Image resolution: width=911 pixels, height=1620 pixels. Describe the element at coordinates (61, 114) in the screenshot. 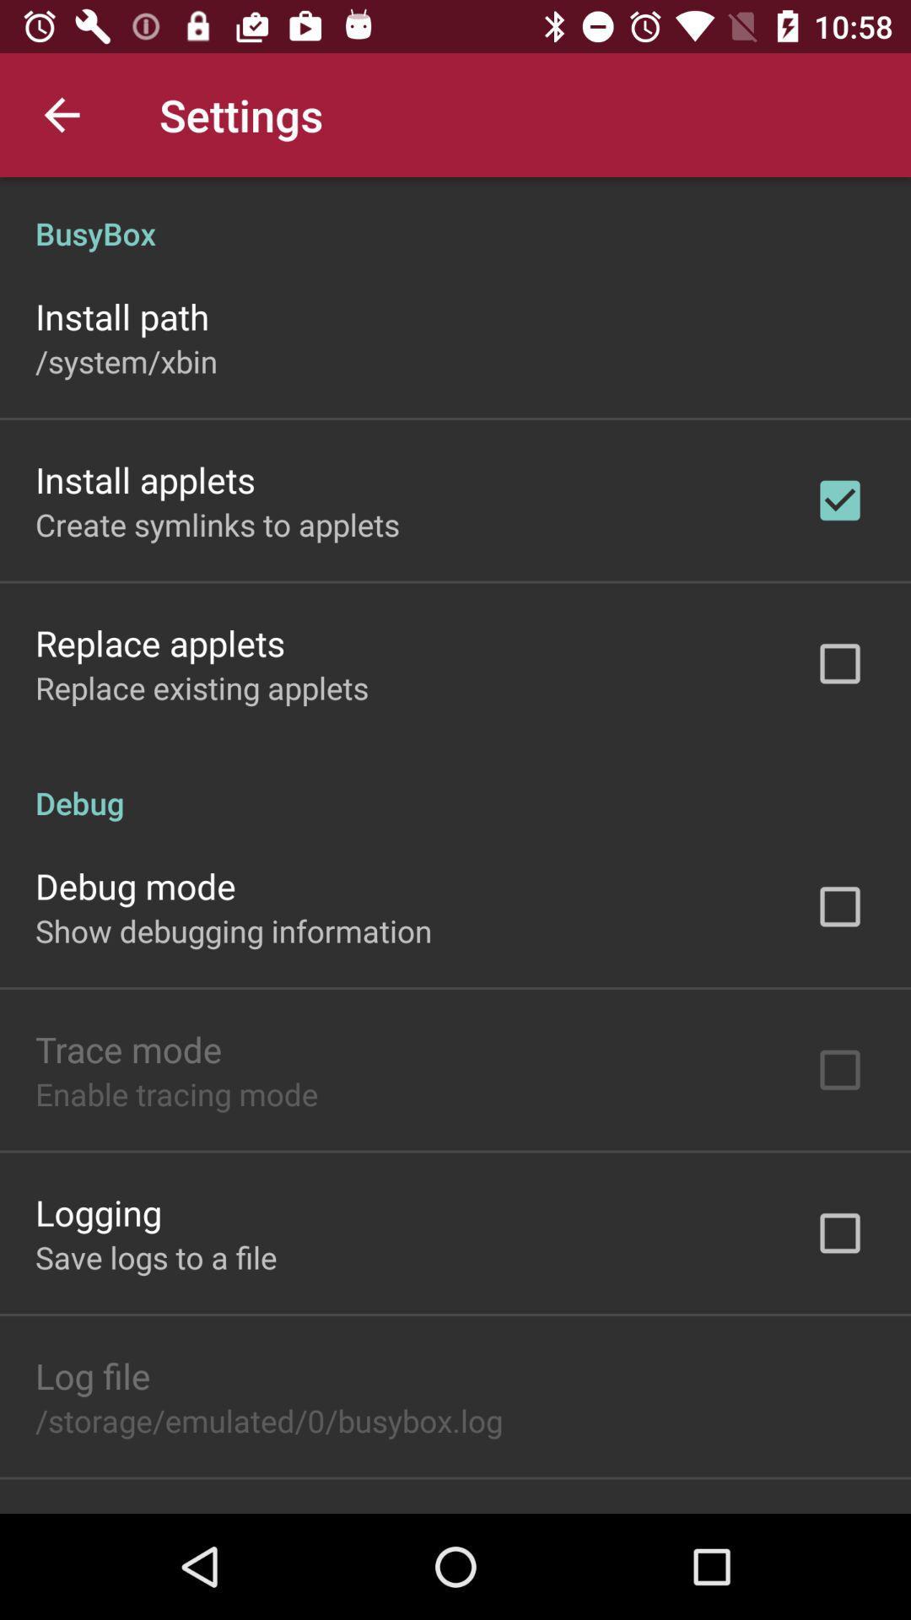

I see `the item to the left of the settings item` at that location.